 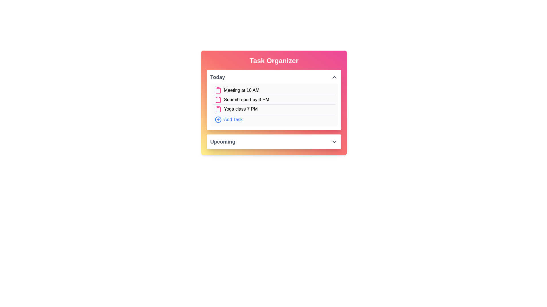 What do you see at coordinates (218, 119) in the screenshot?
I see `the Circle graphic element (SVG) which is styled with outline strokes and is part of the 'Add Task' button under the 'Today' section of the task organizer interface` at bounding box center [218, 119].